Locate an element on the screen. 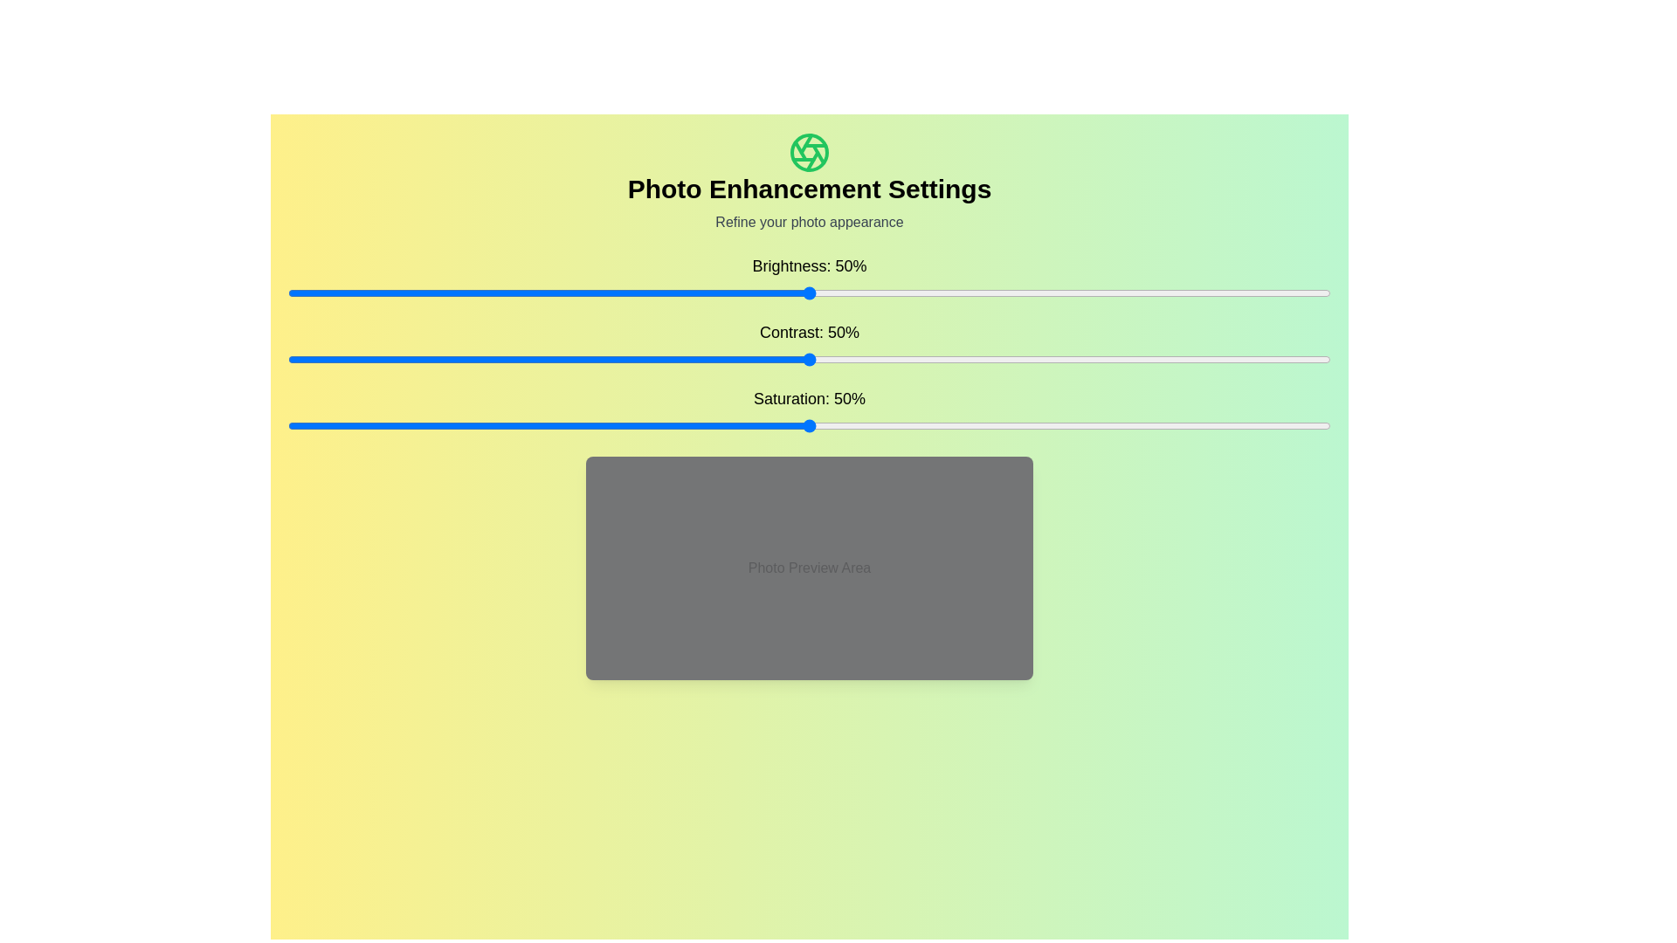 The height and width of the screenshot is (943, 1677). the brightness slider to set the brightness to 10% is located at coordinates (391, 292).